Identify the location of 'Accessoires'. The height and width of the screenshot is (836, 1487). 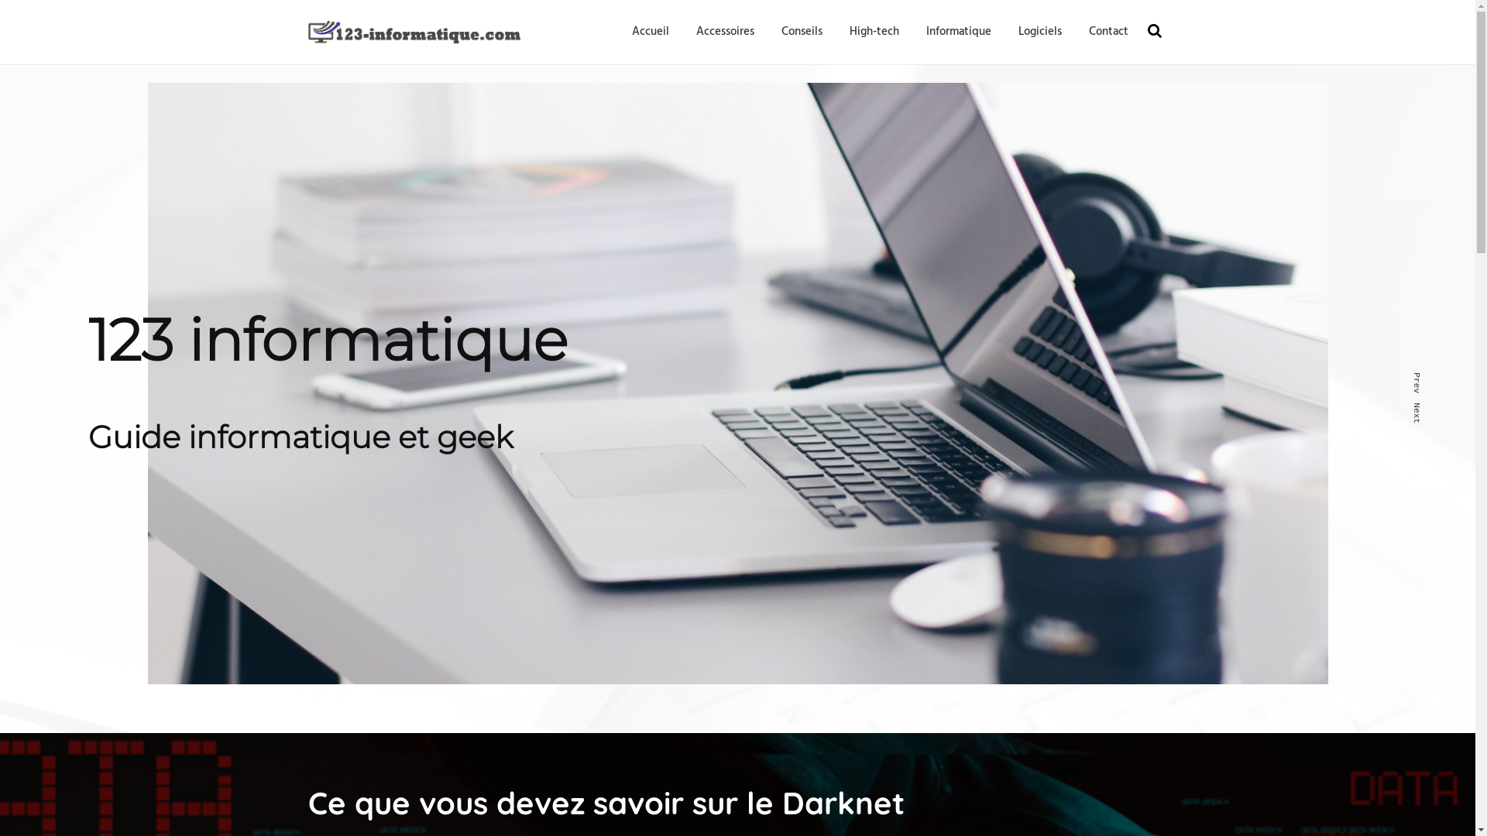
(723, 32).